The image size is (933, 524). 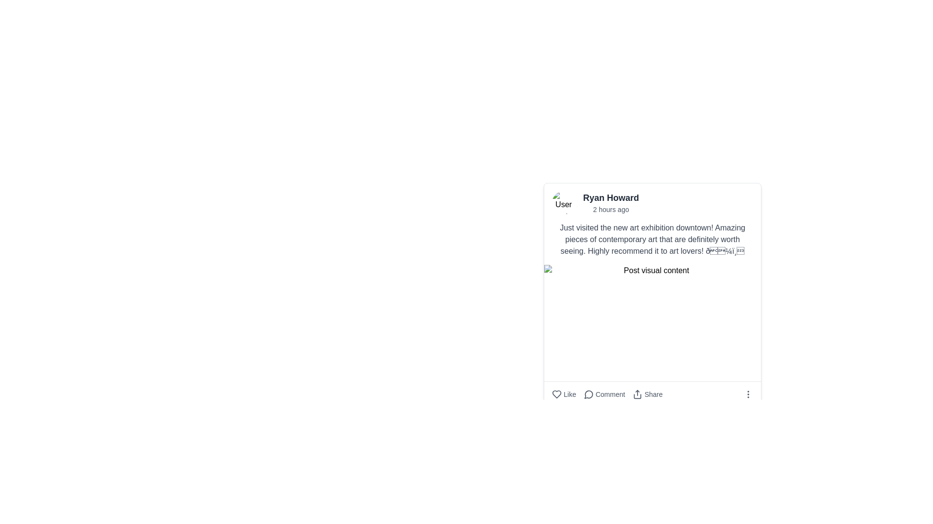 I want to click on the 'Share' button located at the bottom of the post, which is the third item in a horizontal set of options alongside 'Like' and 'Comment'. This will open the sharing menu for the associated post, so click(x=648, y=394).